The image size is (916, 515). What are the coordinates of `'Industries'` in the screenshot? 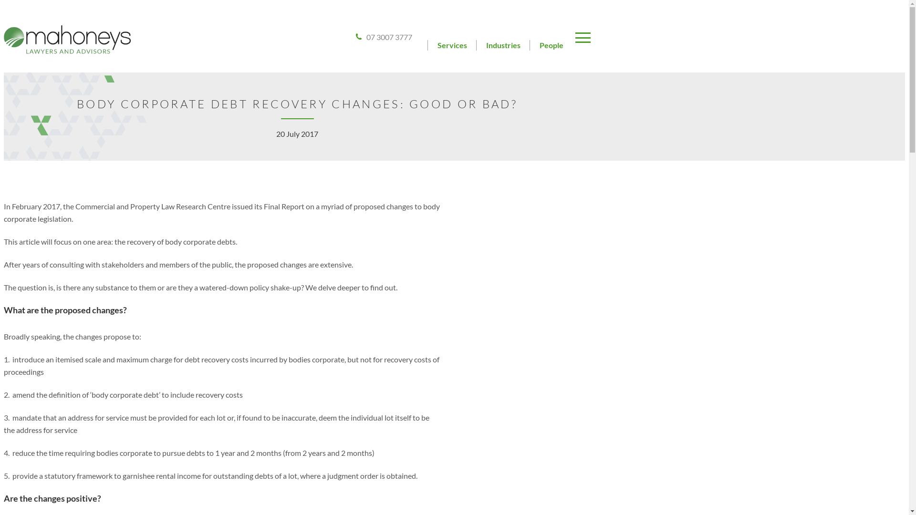 It's located at (486, 45).